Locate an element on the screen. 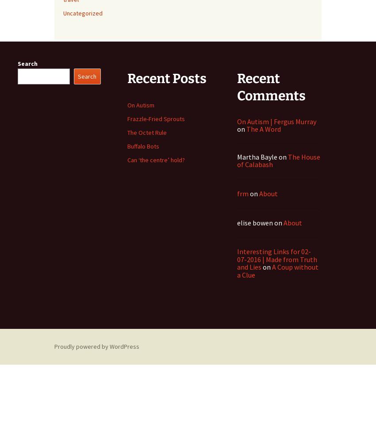  'Buffalo Bots' is located at coordinates (143, 145).